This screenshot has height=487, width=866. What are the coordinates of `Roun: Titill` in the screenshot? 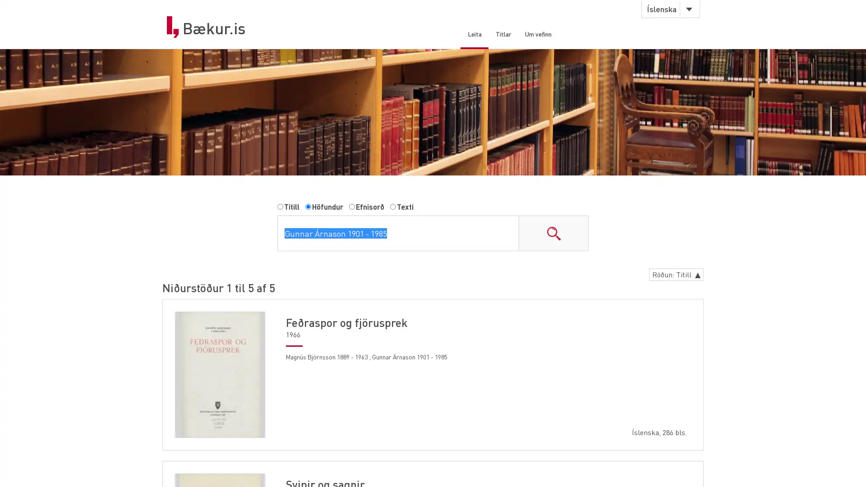 It's located at (673, 276).